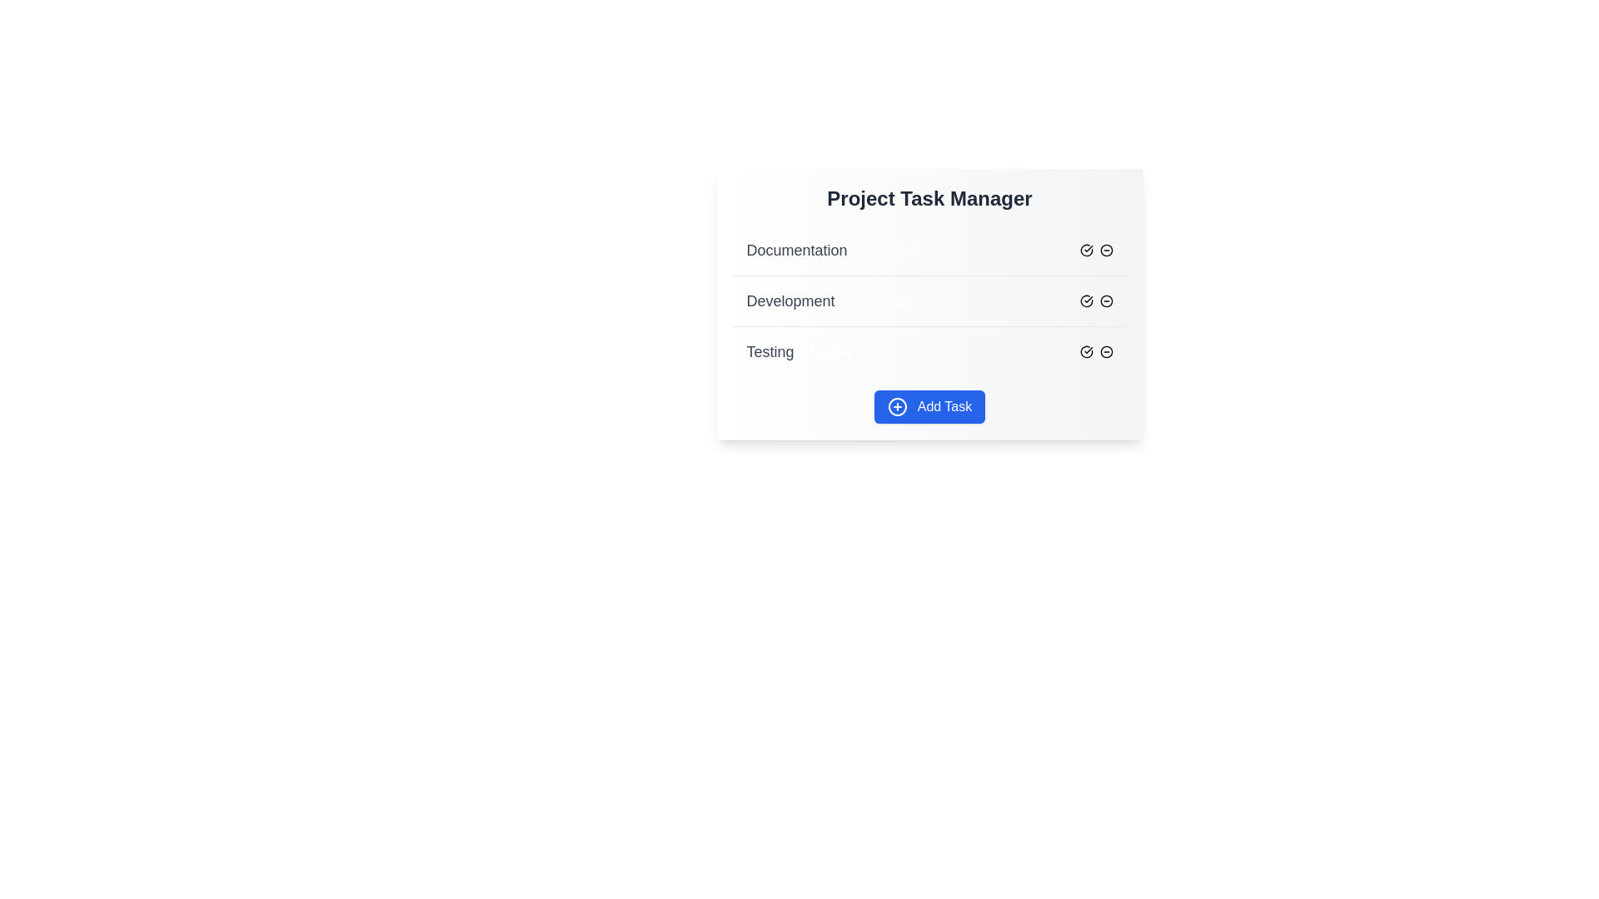  I want to click on the text label displaying the word 'Testing' which is styled in dark gray and is part of the task management interface, so click(770, 351).